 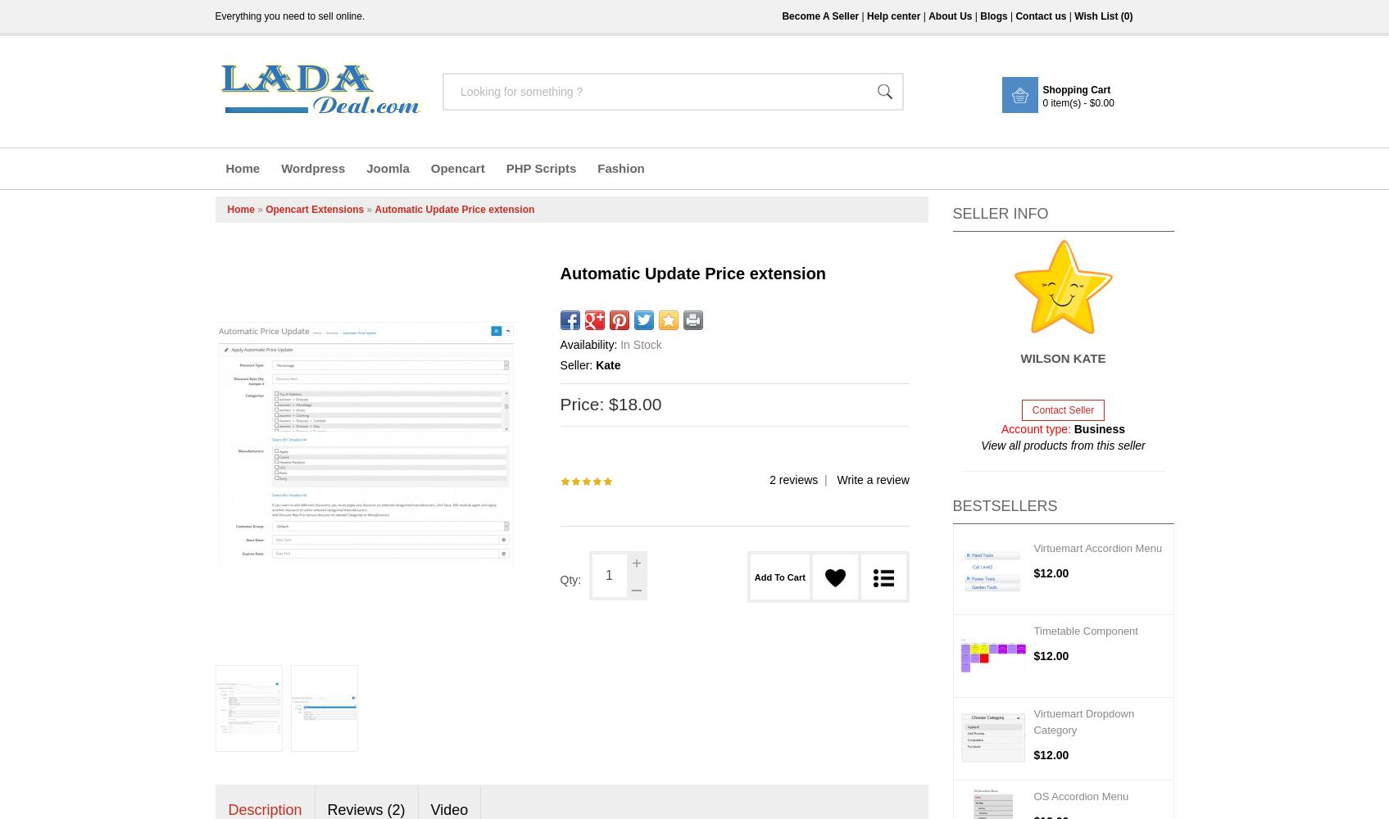 What do you see at coordinates (226, 210) in the screenshot?
I see `'Home'` at bounding box center [226, 210].